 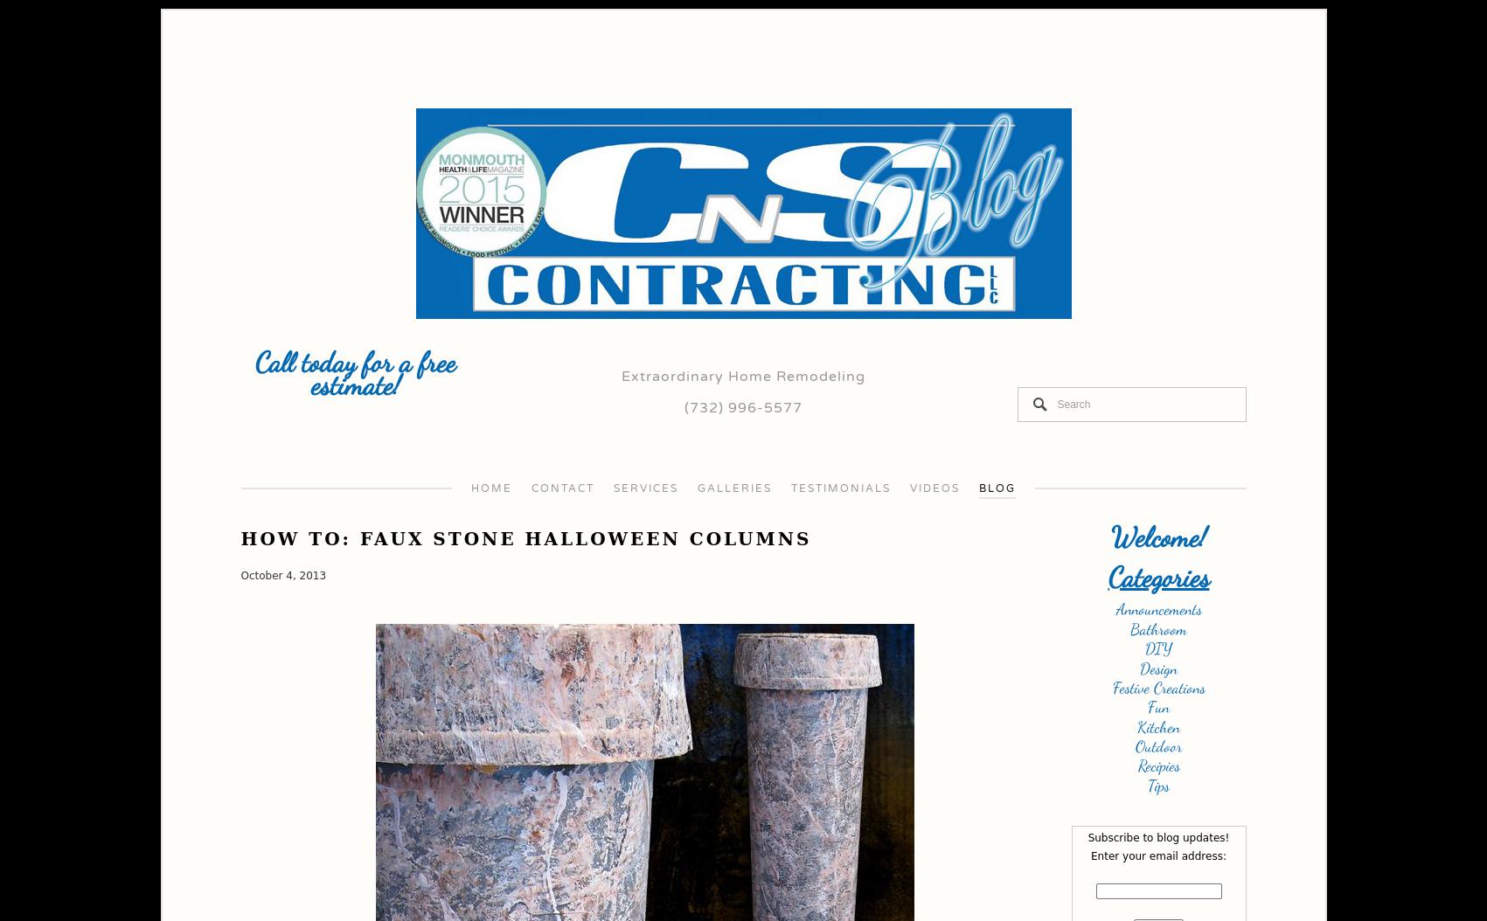 What do you see at coordinates (743, 376) in the screenshot?
I see `'Extraordinary Home Remodeling'` at bounding box center [743, 376].